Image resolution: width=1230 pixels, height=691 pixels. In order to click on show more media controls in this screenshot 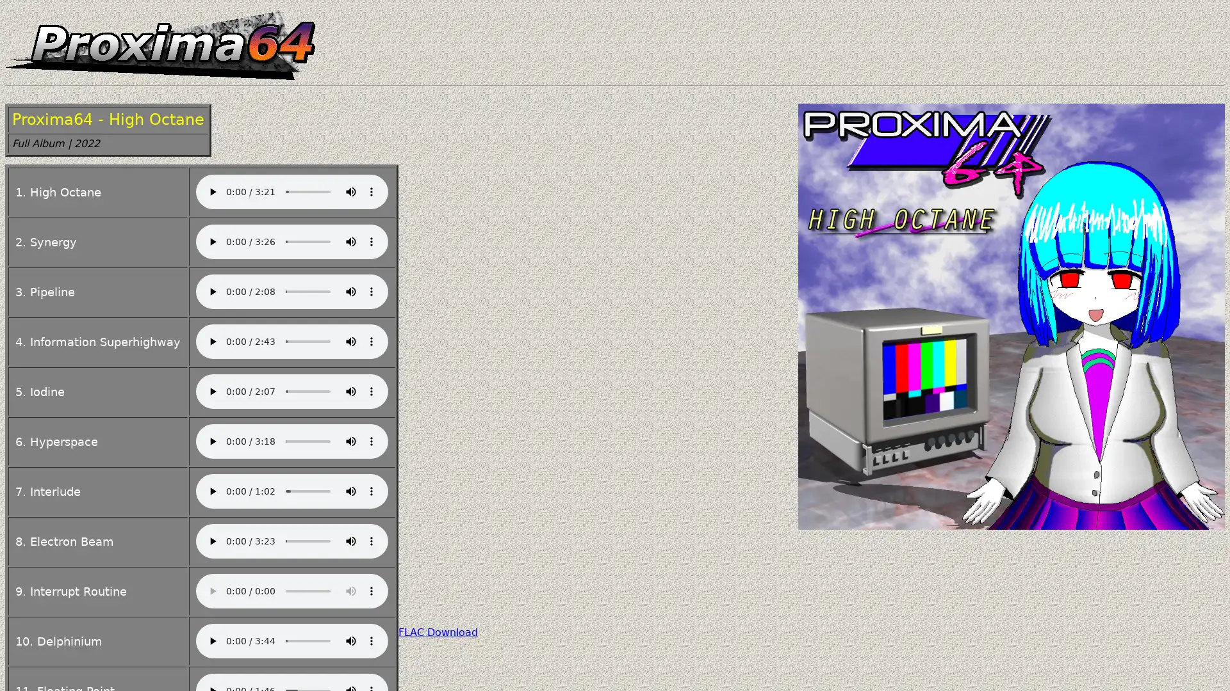, I will do `click(371, 541)`.